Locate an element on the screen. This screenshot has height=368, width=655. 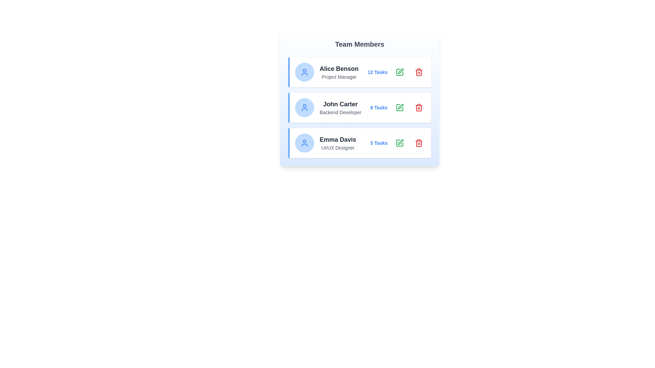
the user icon for the team member John Carter is located at coordinates (304, 107).